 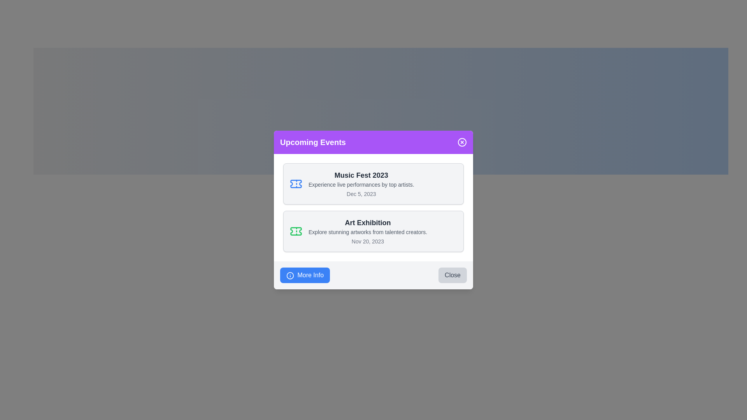 What do you see at coordinates (462, 142) in the screenshot?
I see `the circular button with a cross icon located at the top-right corner of the purple title bar in the 'Upcoming Events' dialog` at bounding box center [462, 142].